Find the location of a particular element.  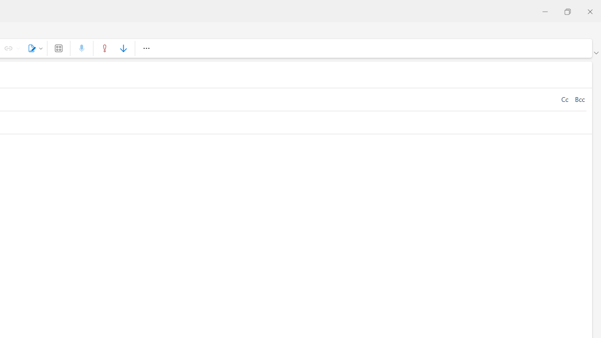

'Low importance' is located at coordinates (123, 48).